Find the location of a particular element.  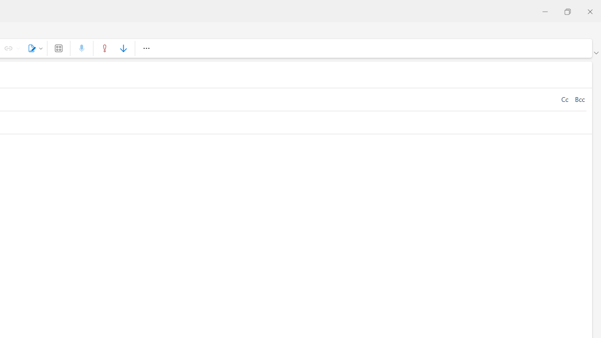

'Low importance' is located at coordinates (123, 48).